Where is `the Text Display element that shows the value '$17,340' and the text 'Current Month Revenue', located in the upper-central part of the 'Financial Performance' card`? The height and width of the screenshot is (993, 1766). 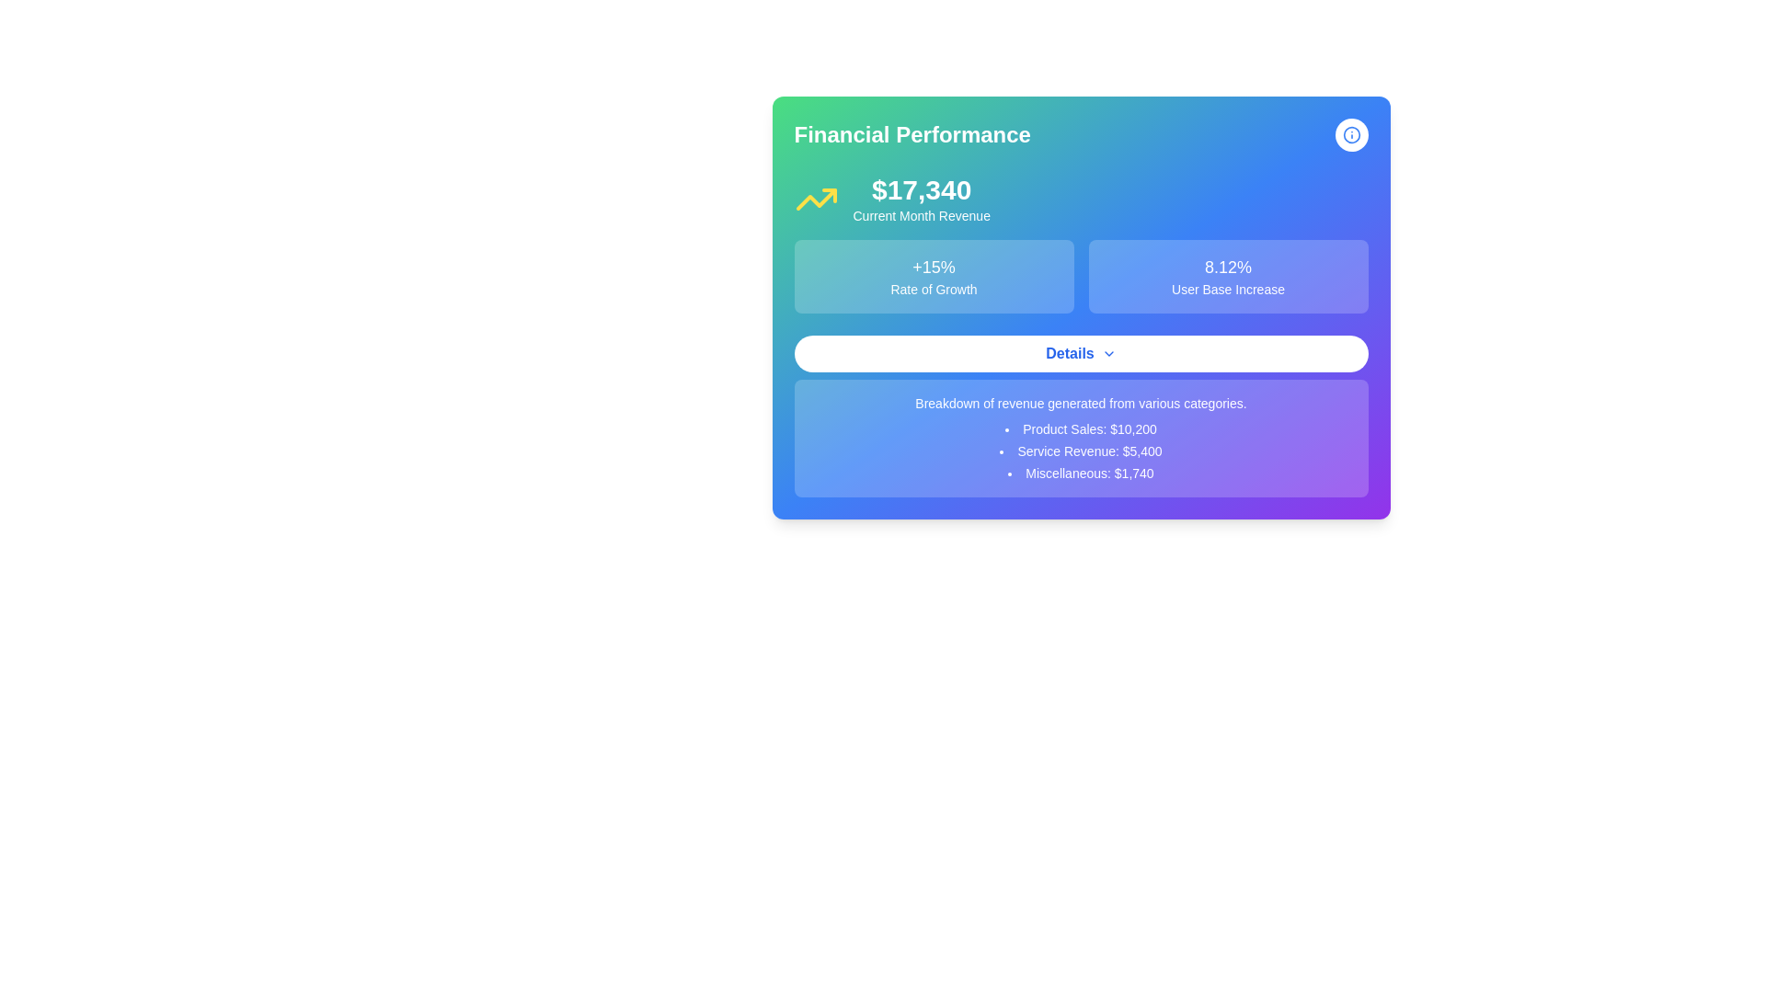
the Text Display element that shows the value '$17,340' and the text 'Current Month Revenue', located in the upper-central part of the 'Financial Performance' card is located at coordinates (922, 199).